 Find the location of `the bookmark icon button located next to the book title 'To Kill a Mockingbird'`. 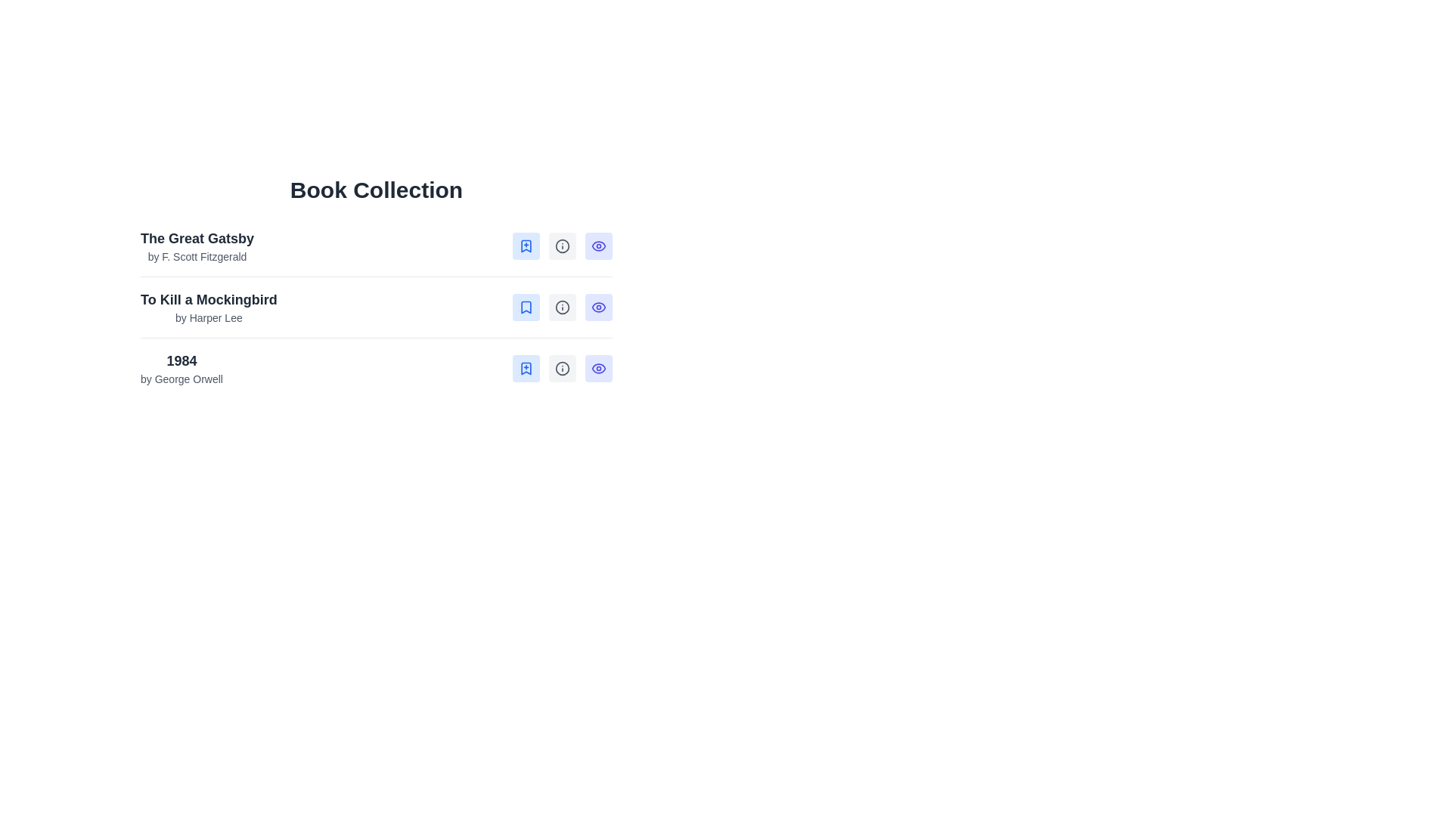

the bookmark icon button located next to the book title 'To Kill a Mockingbird' is located at coordinates (526, 307).